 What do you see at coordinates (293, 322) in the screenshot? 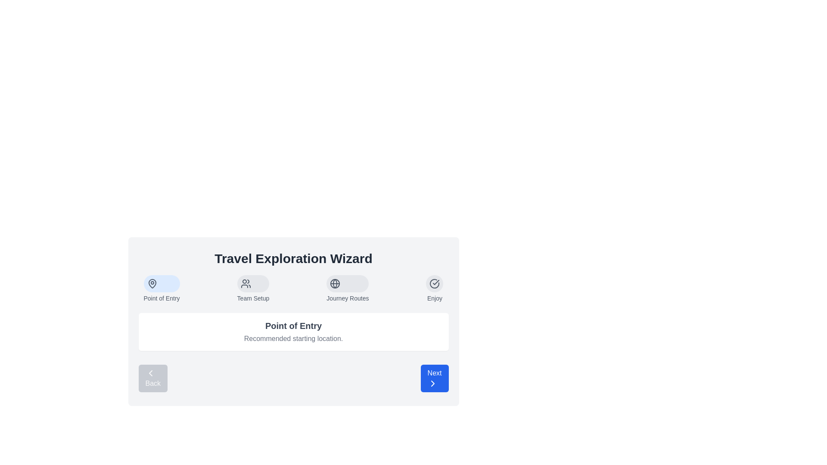
I see `the Informational card that provides guidance in a multi-step process, positioned centrally below the navigation bar` at bounding box center [293, 322].